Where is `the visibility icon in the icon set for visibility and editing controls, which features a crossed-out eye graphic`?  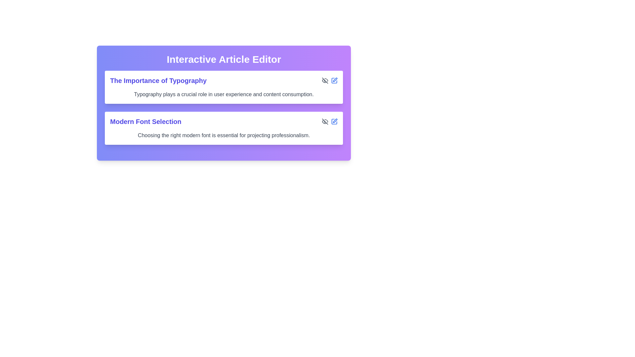
the visibility icon in the icon set for visibility and editing controls, which features a crossed-out eye graphic is located at coordinates (330, 121).